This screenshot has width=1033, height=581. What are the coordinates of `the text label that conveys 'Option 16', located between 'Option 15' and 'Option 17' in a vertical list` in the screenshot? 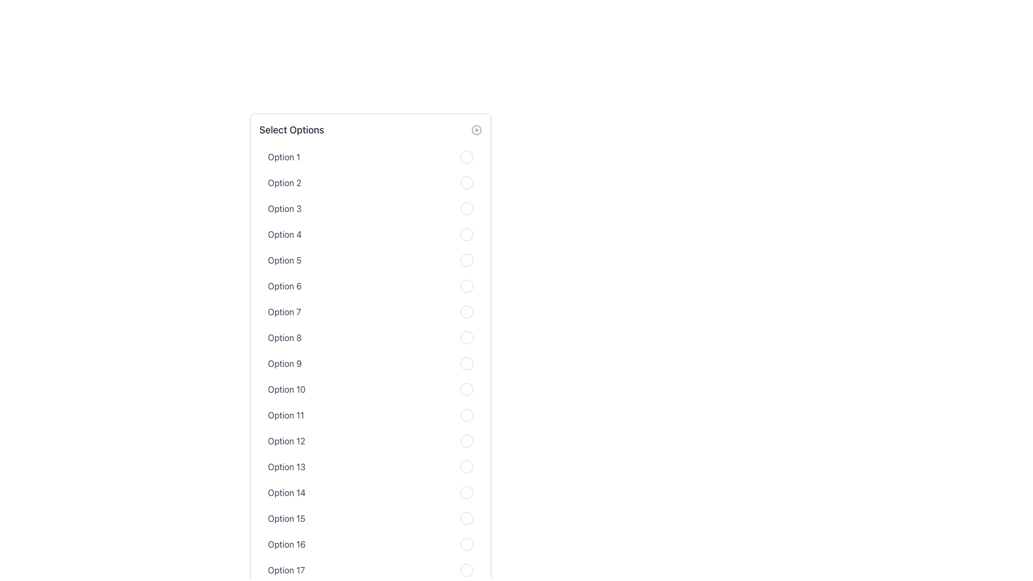 It's located at (286, 544).